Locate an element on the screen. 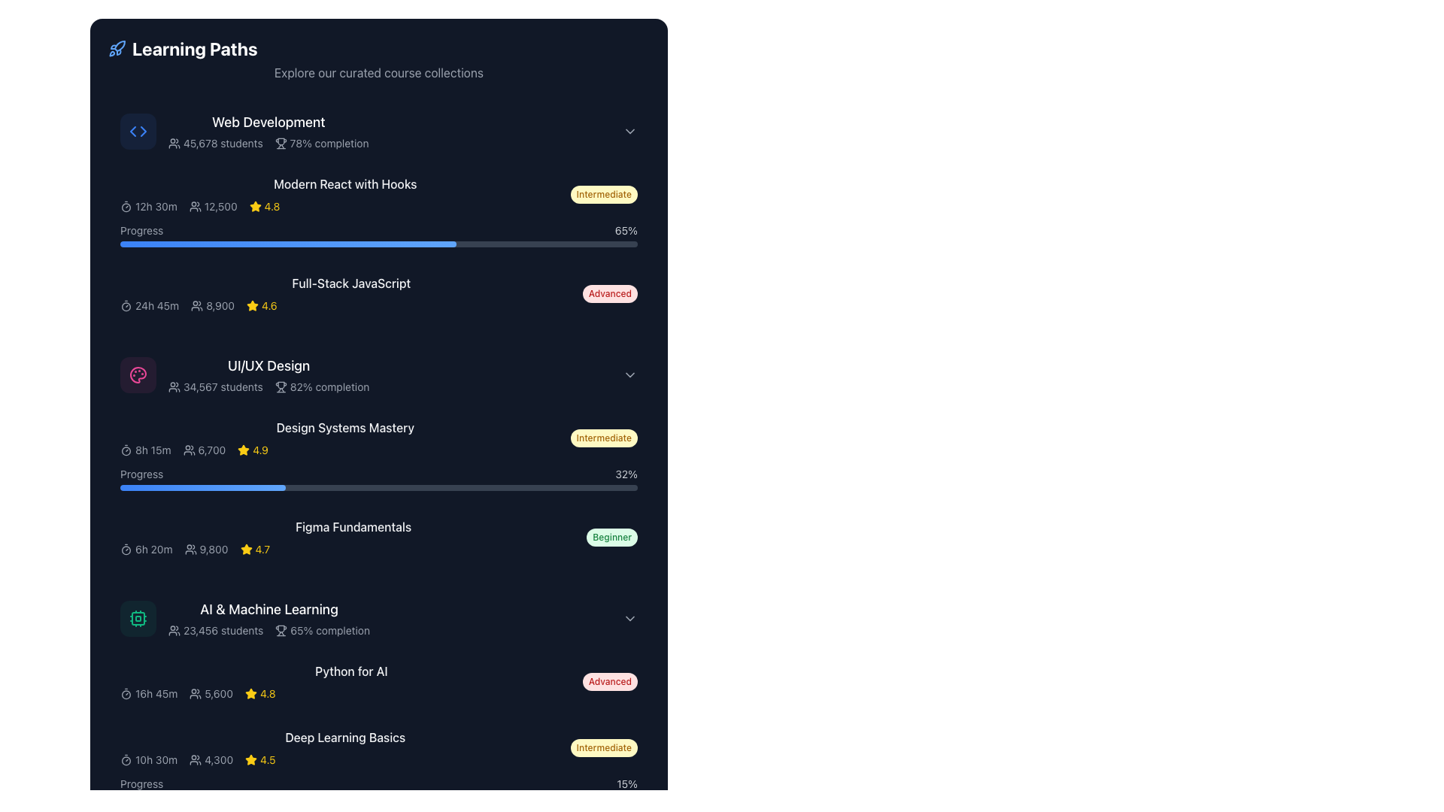  the text label indicating the name of the course 'Deep Learning Basics' located in the 'AI & Machine Learning' section, positioned towards the bottom of the visible list is located at coordinates (344, 736).